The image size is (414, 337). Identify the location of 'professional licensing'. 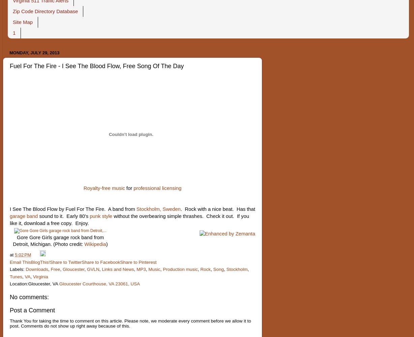
(157, 188).